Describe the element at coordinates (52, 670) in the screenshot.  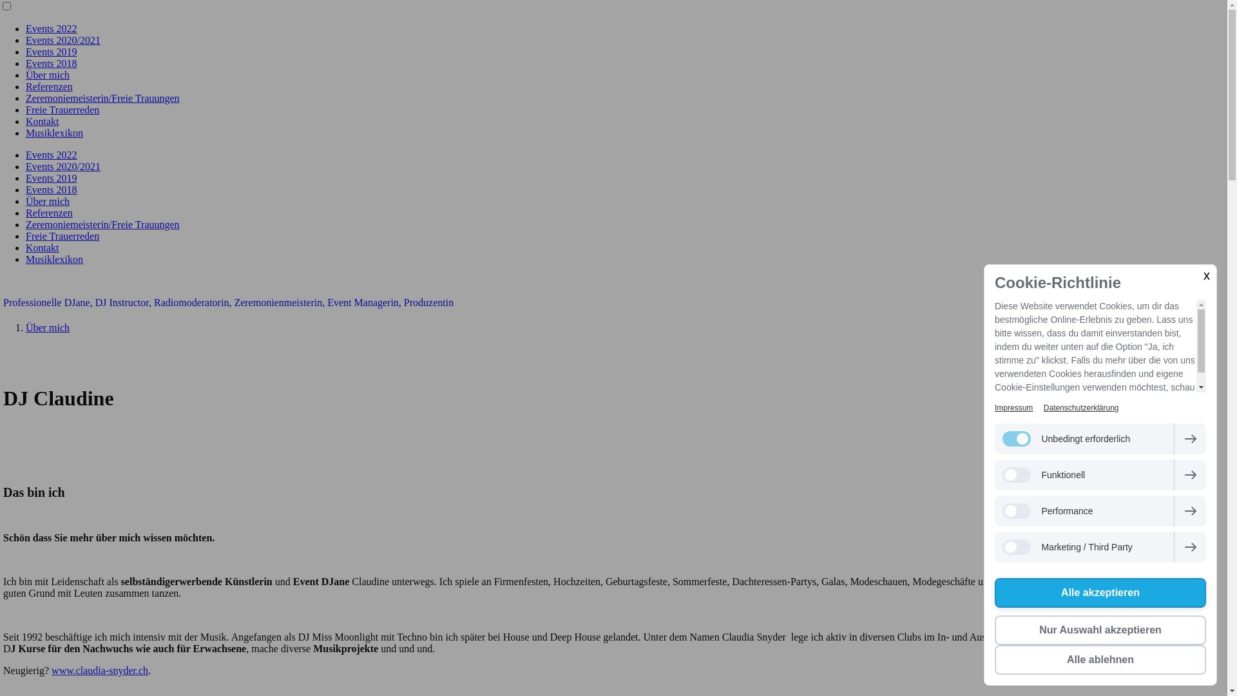
I see `'www.claudia-snyder.ch'` at that location.